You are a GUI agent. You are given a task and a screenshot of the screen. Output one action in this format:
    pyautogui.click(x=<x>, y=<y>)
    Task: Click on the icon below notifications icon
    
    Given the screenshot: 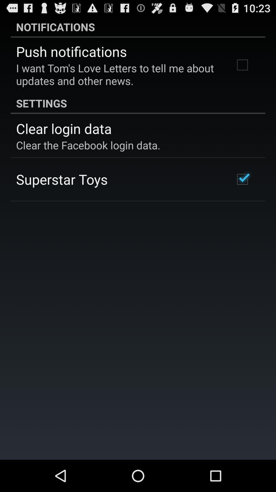 What is the action you would take?
    pyautogui.click(x=71, y=51)
    